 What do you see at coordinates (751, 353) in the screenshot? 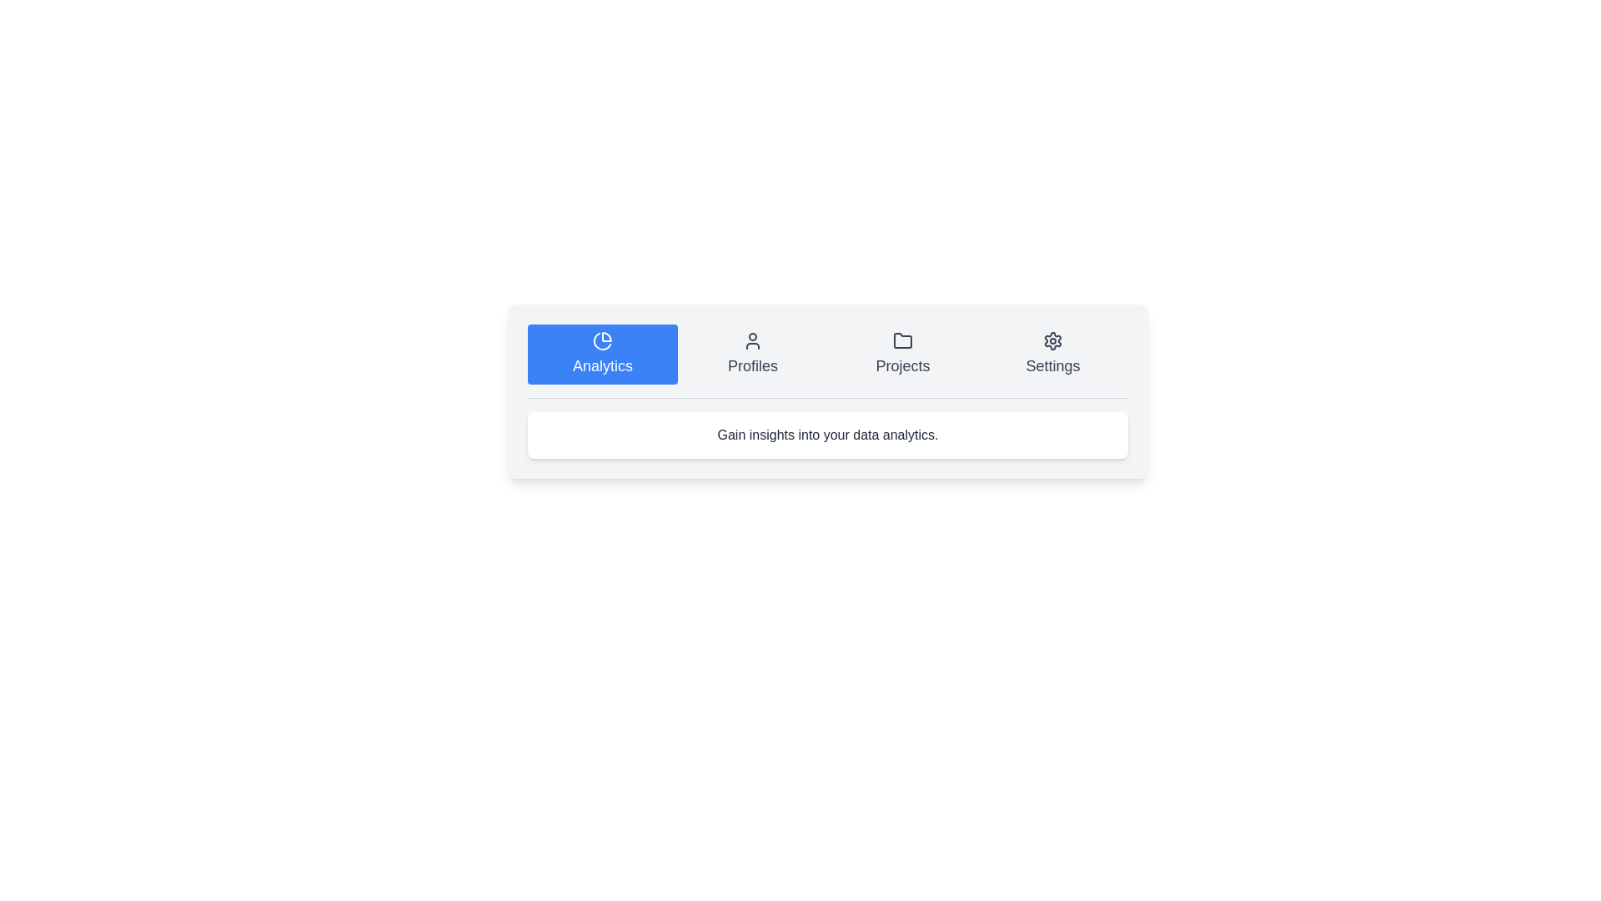
I see `the tab labeled Profiles to select it` at bounding box center [751, 353].